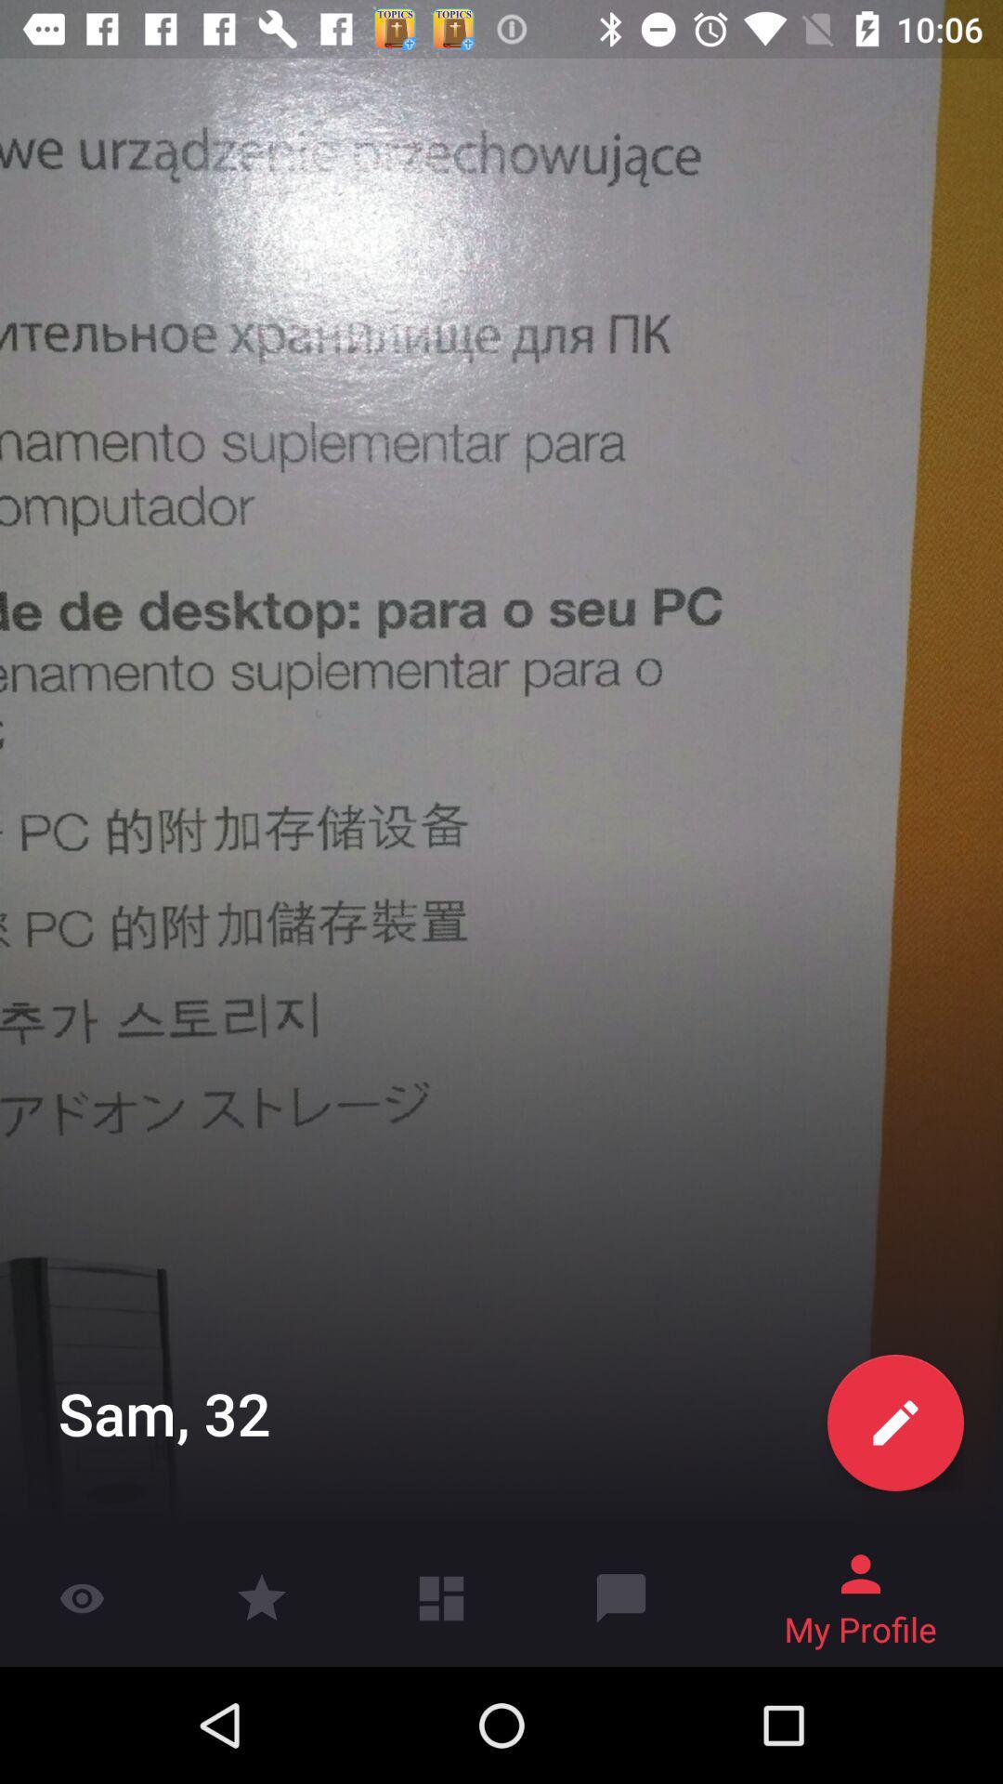 The height and width of the screenshot is (1784, 1003). I want to click on the edit icon, so click(894, 1422).